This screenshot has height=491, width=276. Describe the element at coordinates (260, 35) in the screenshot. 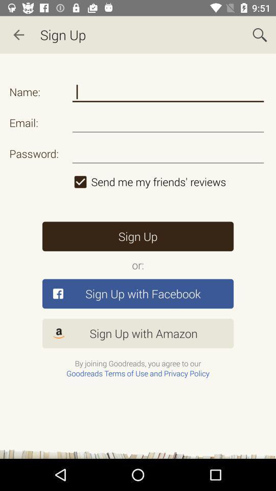

I see `item at the top right corner` at that location.